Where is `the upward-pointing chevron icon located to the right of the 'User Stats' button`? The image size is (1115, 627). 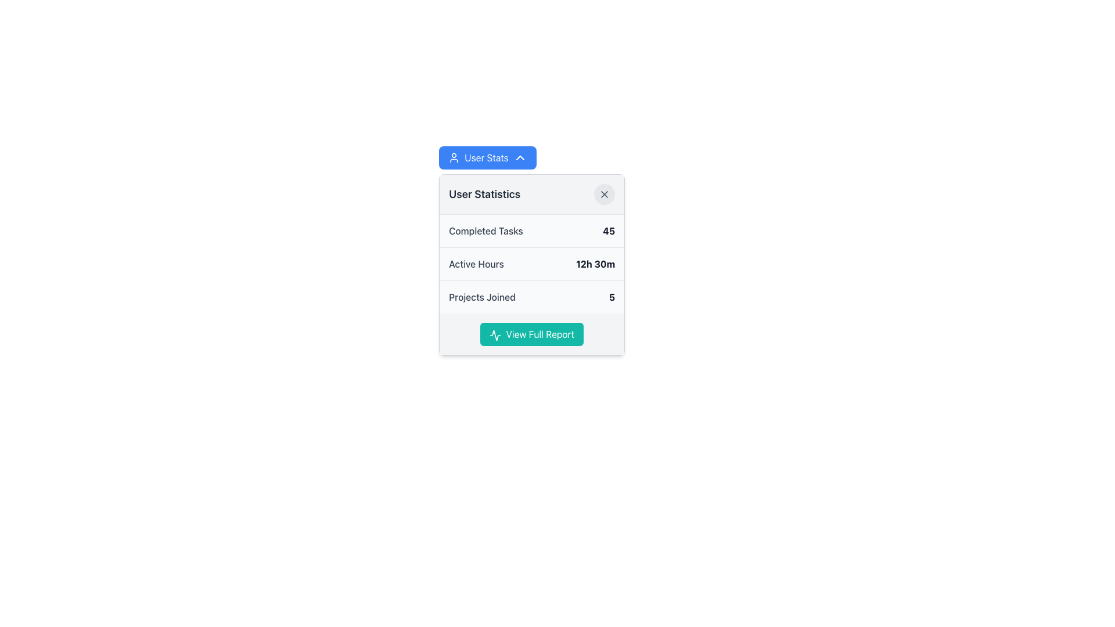 the upward-pointing chevron icon located to the right of the 'User Stats' button is located at coordinates (519, 158).